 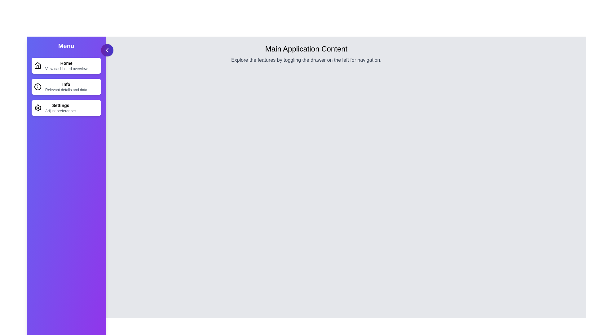 I want to click on the navigation item Home in the drawer, so click(x=66, y=66).